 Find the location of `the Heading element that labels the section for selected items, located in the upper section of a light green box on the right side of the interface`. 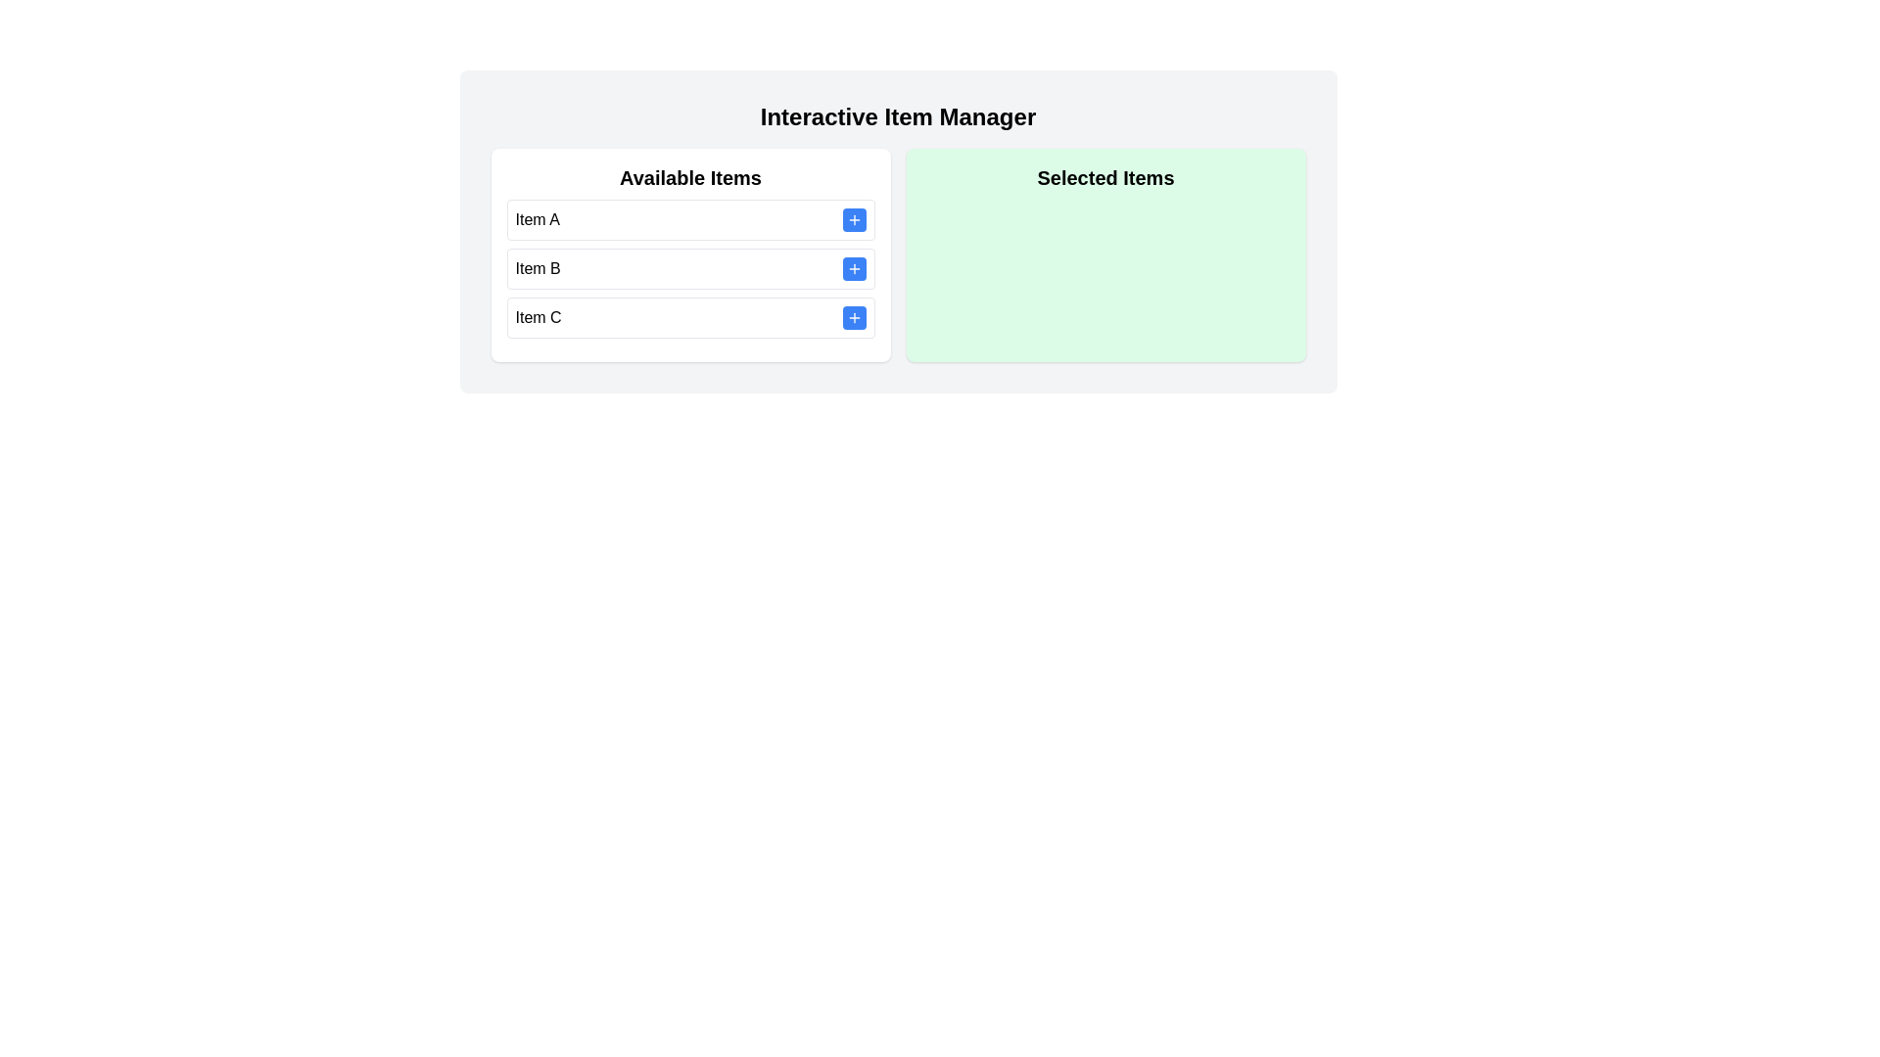

the Heading element that labels the section for selected items, located in the upper section of a light green box on the right side of the interface is located at coordinates (1105, 177).